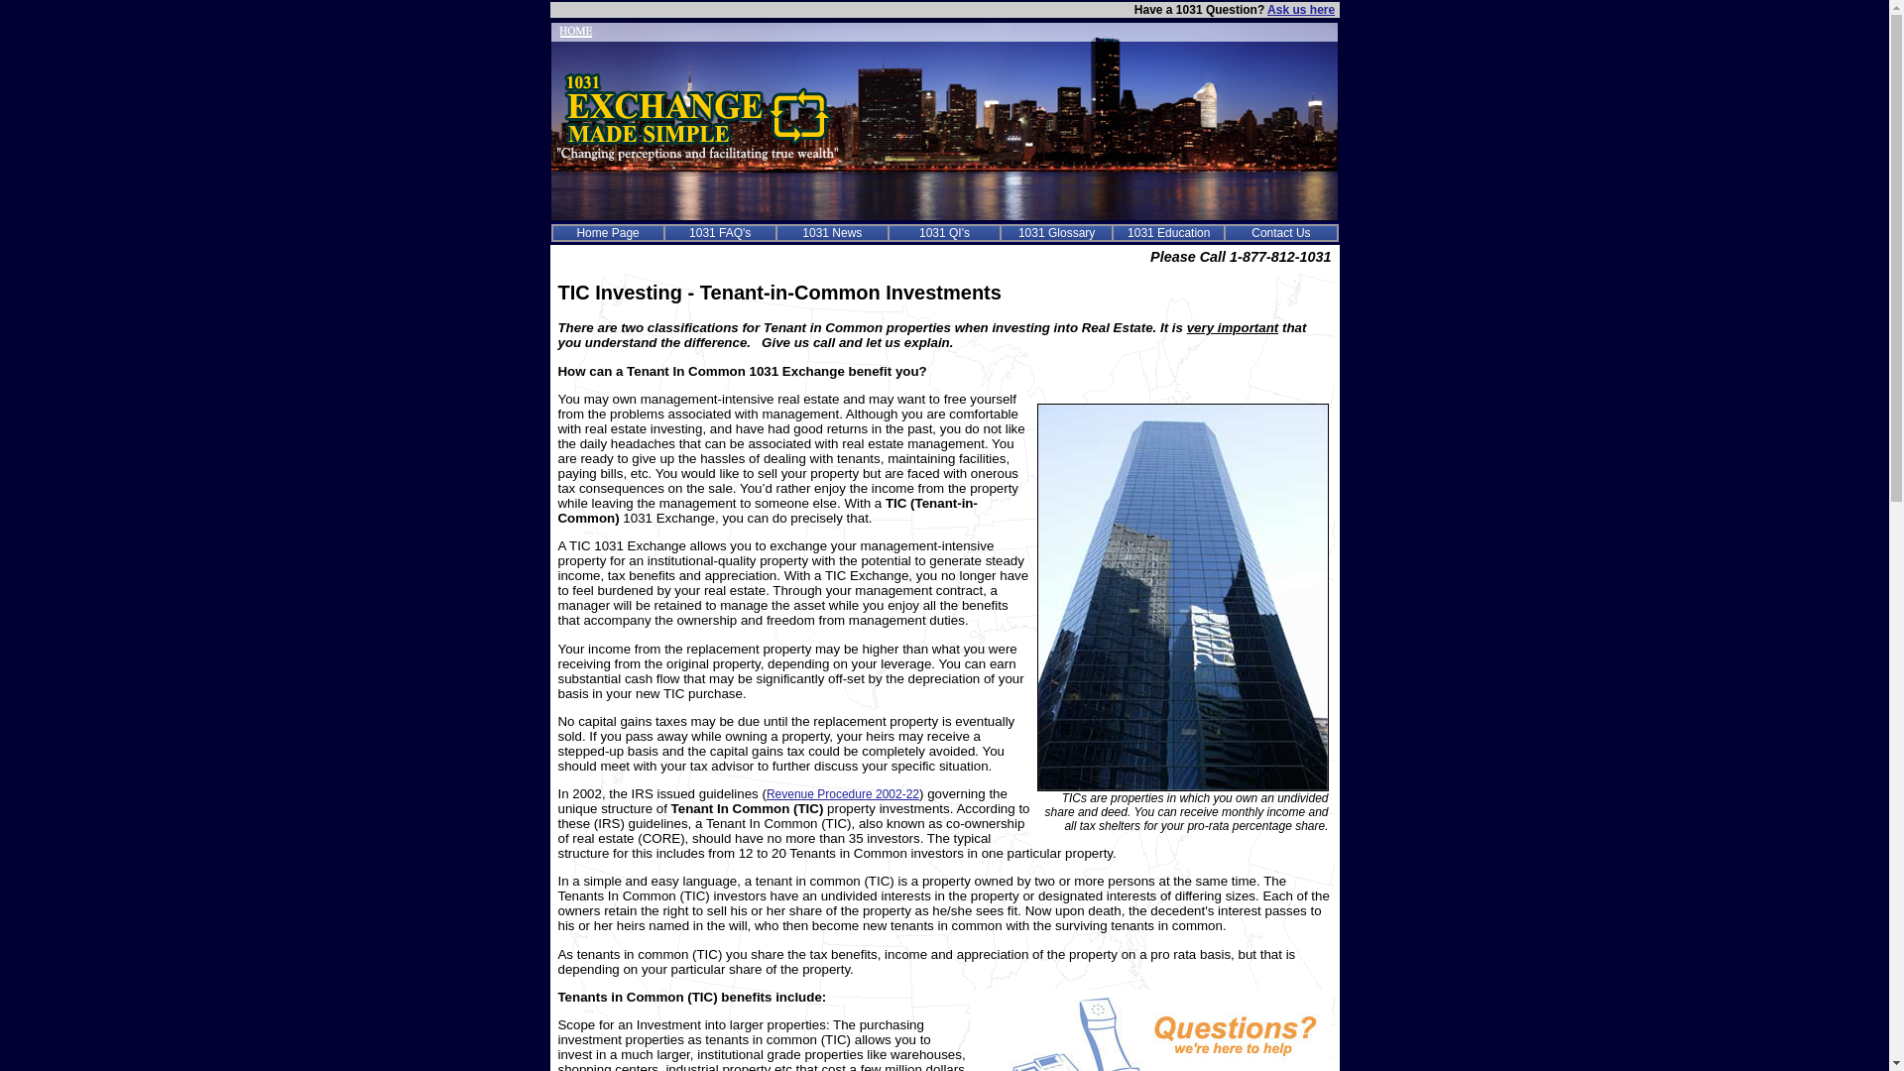  I want to click on 'Ask us here', so click(1265, 10).